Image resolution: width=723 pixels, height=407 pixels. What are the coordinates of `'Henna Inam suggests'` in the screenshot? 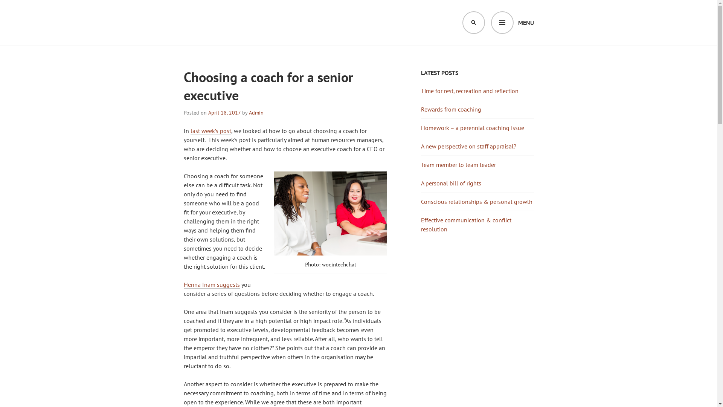 It's located at (211, 285).